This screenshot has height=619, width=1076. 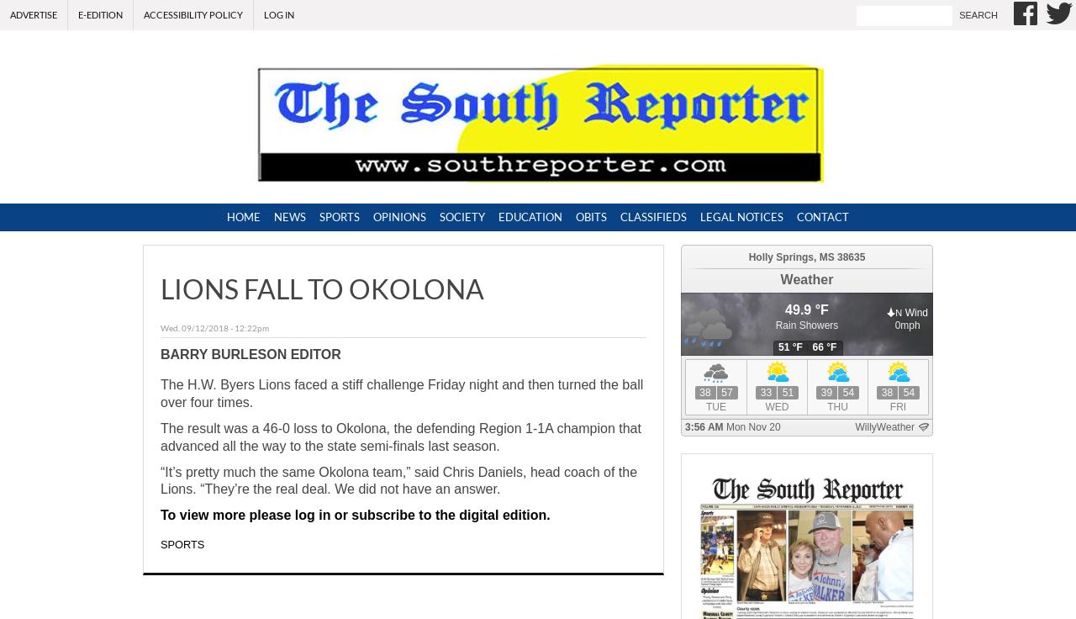 What do you see at coordinates (822, 216) in the screenshot?
I see `'Contact'` at bounding box center [822, 216].